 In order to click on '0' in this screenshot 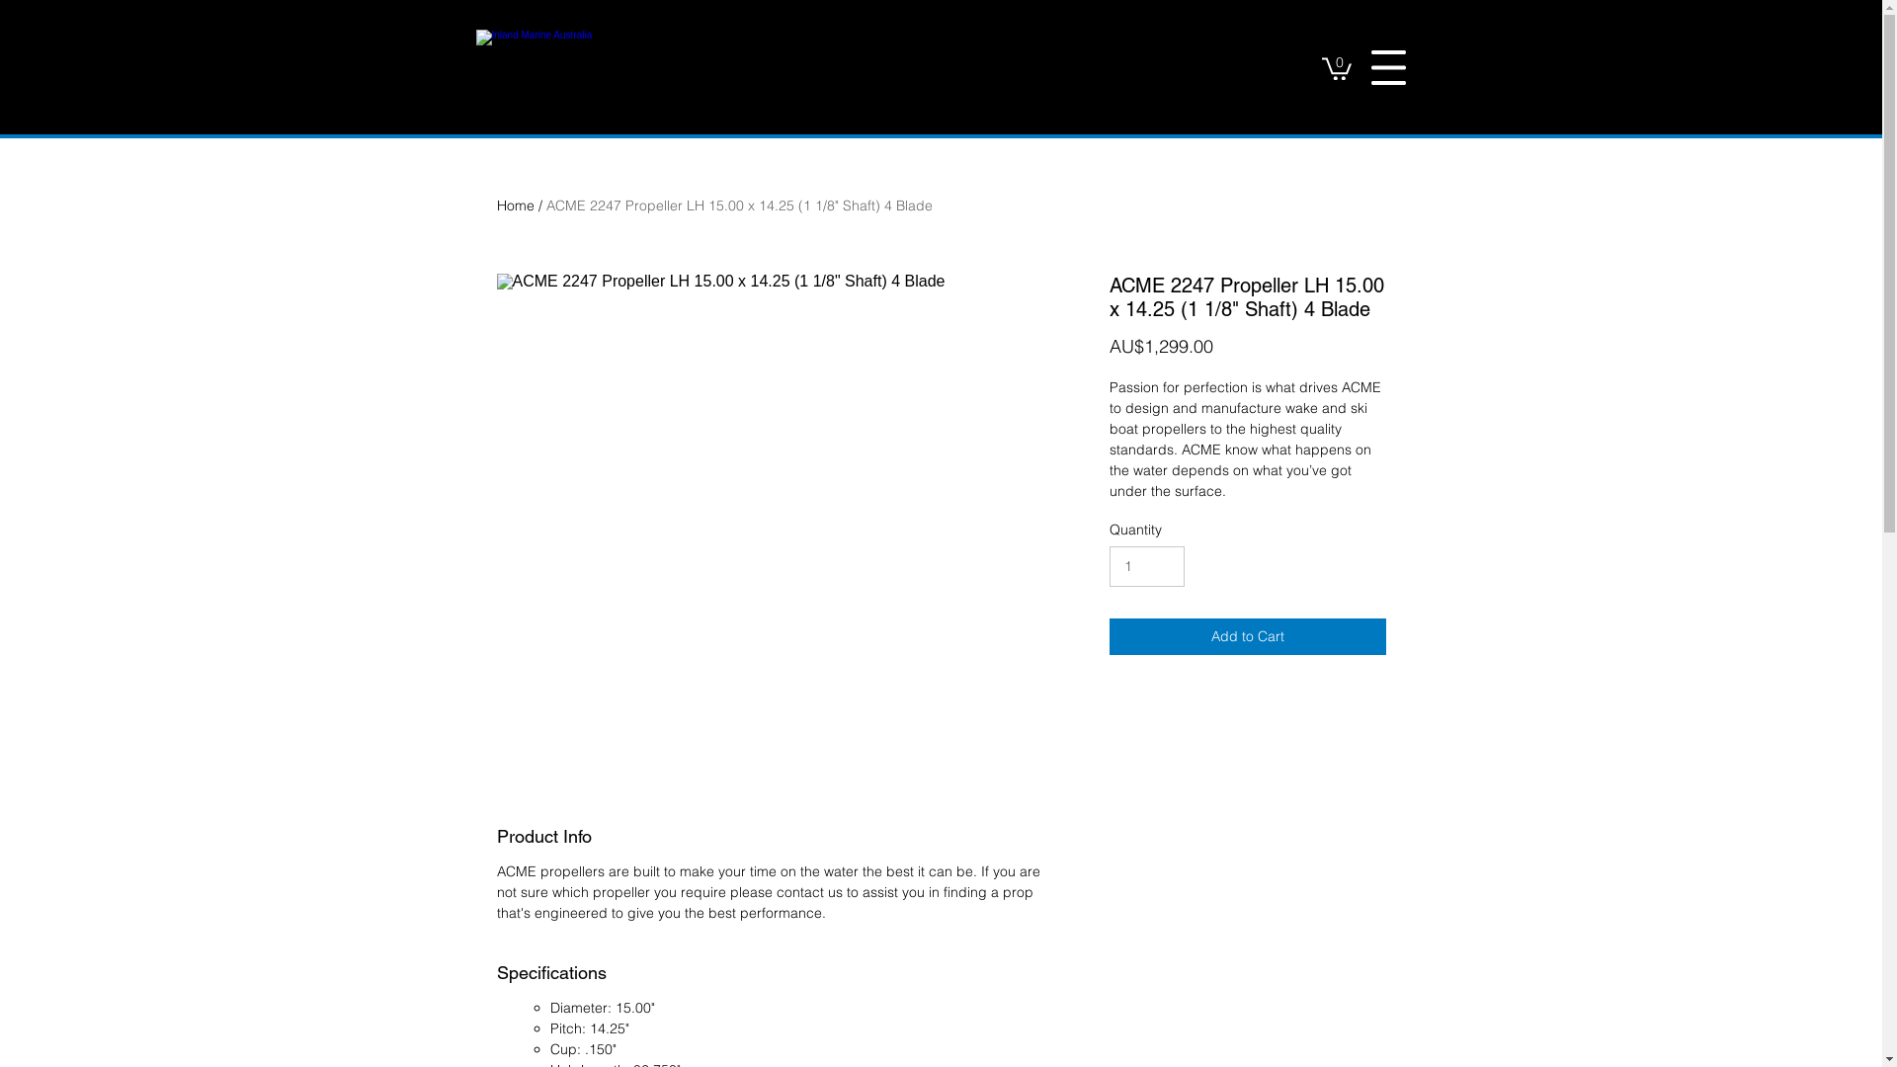, I will do `click(1337, 66)`.